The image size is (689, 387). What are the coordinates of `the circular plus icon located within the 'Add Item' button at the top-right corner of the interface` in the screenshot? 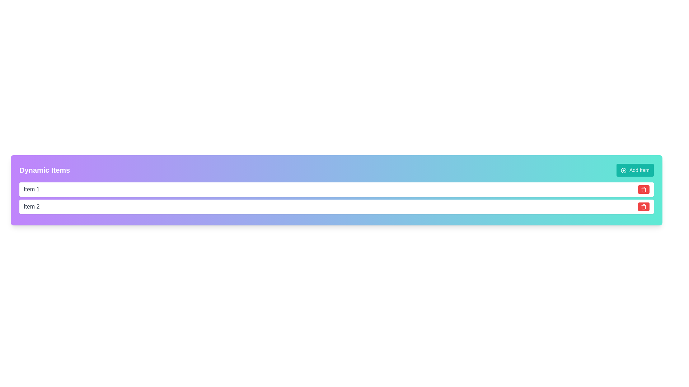 It's located at (623, 171).